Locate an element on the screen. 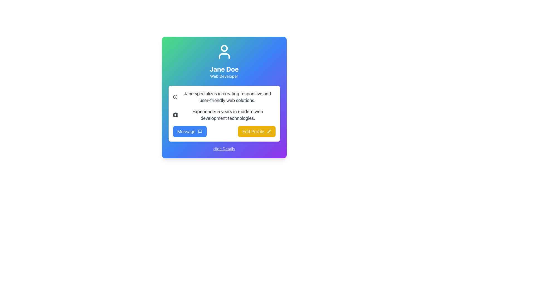  the briefcase icon located in the informational card under 'Jane Doe - Web Developer', preceding the text 'Experience: 5 years in modern web development technologies' is located at coordinates (175, 115).